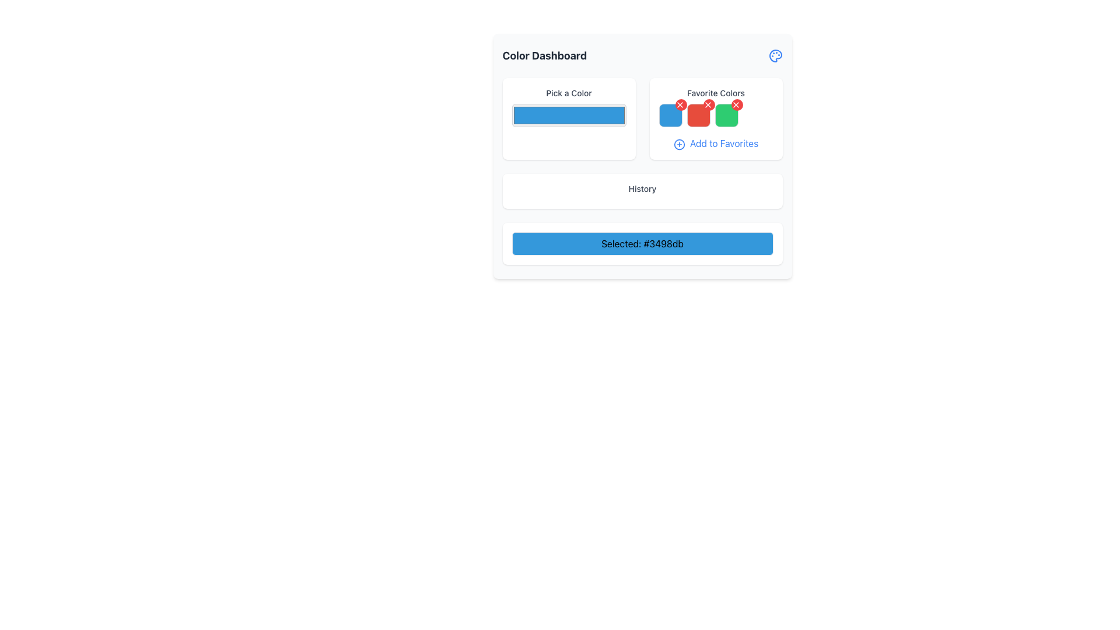 This screenshot has height=630, width=1120. I want to click on the circular icon with a blue outline and a plus sign, located to the left of the 'Add to Favorites' text, which represents the action of adding an item to favorites, so click(679, 143).